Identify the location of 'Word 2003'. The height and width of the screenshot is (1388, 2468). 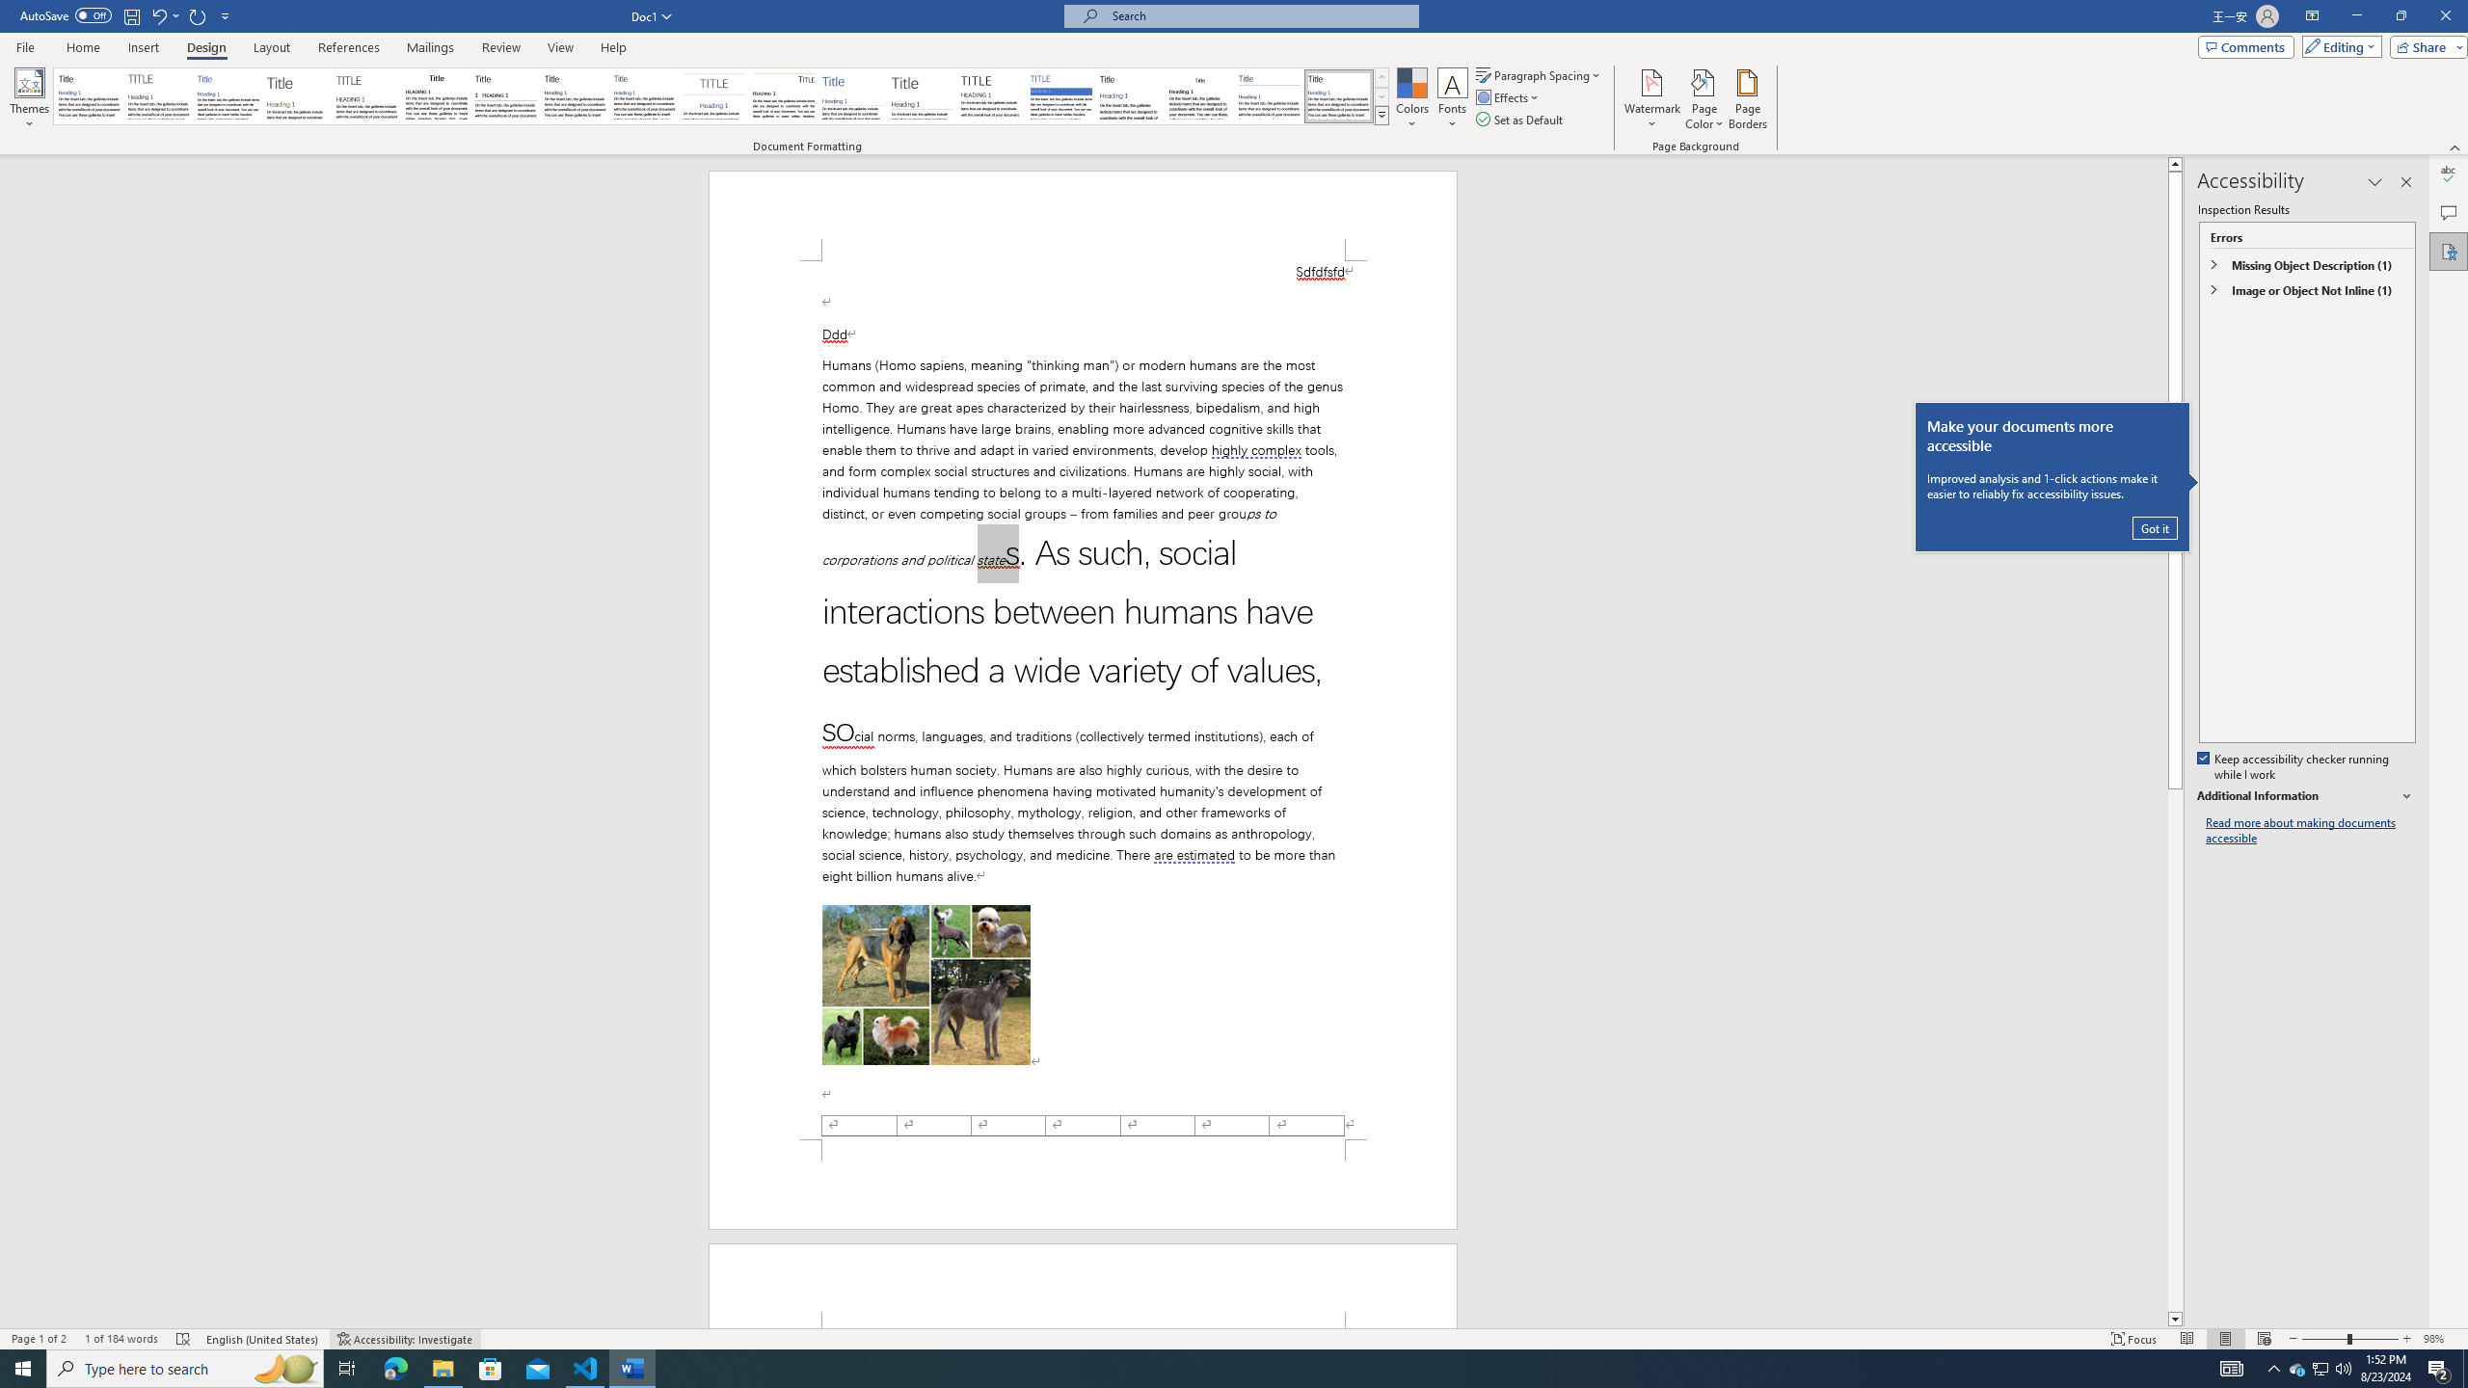
(1198, 95).